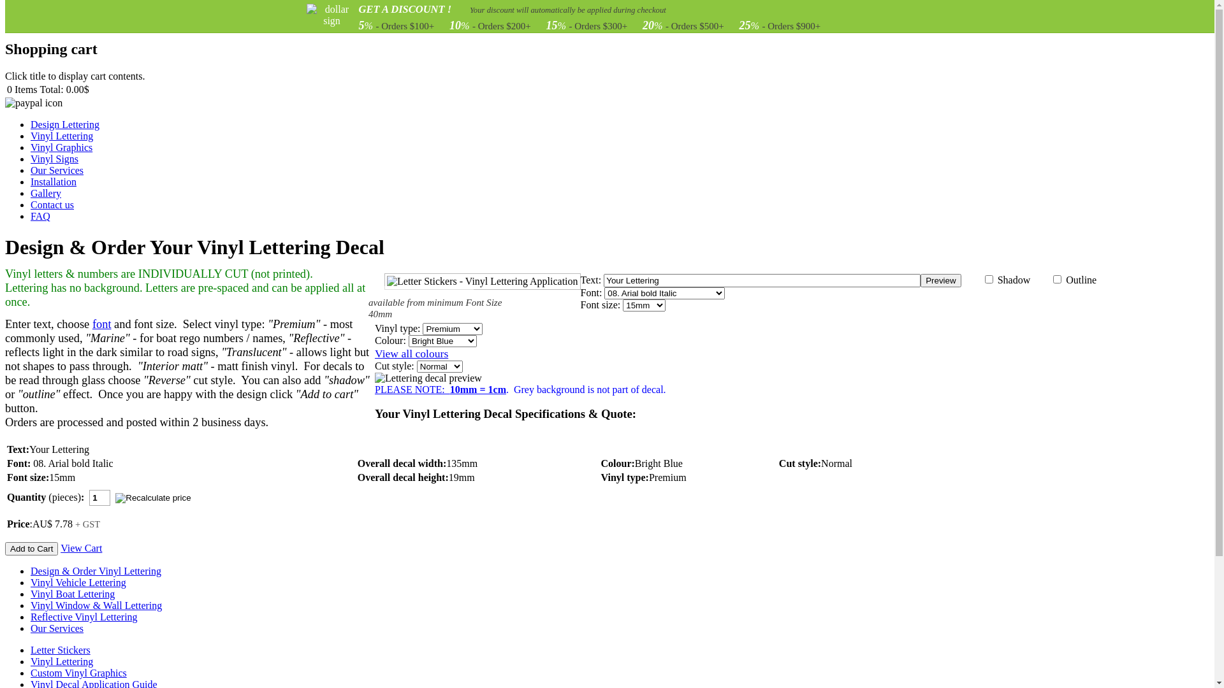 This screenshot has height=688, width=1224. Describe the element at coordinates (46, 193) in the screenshot. I see `'Gallery'` at that location.